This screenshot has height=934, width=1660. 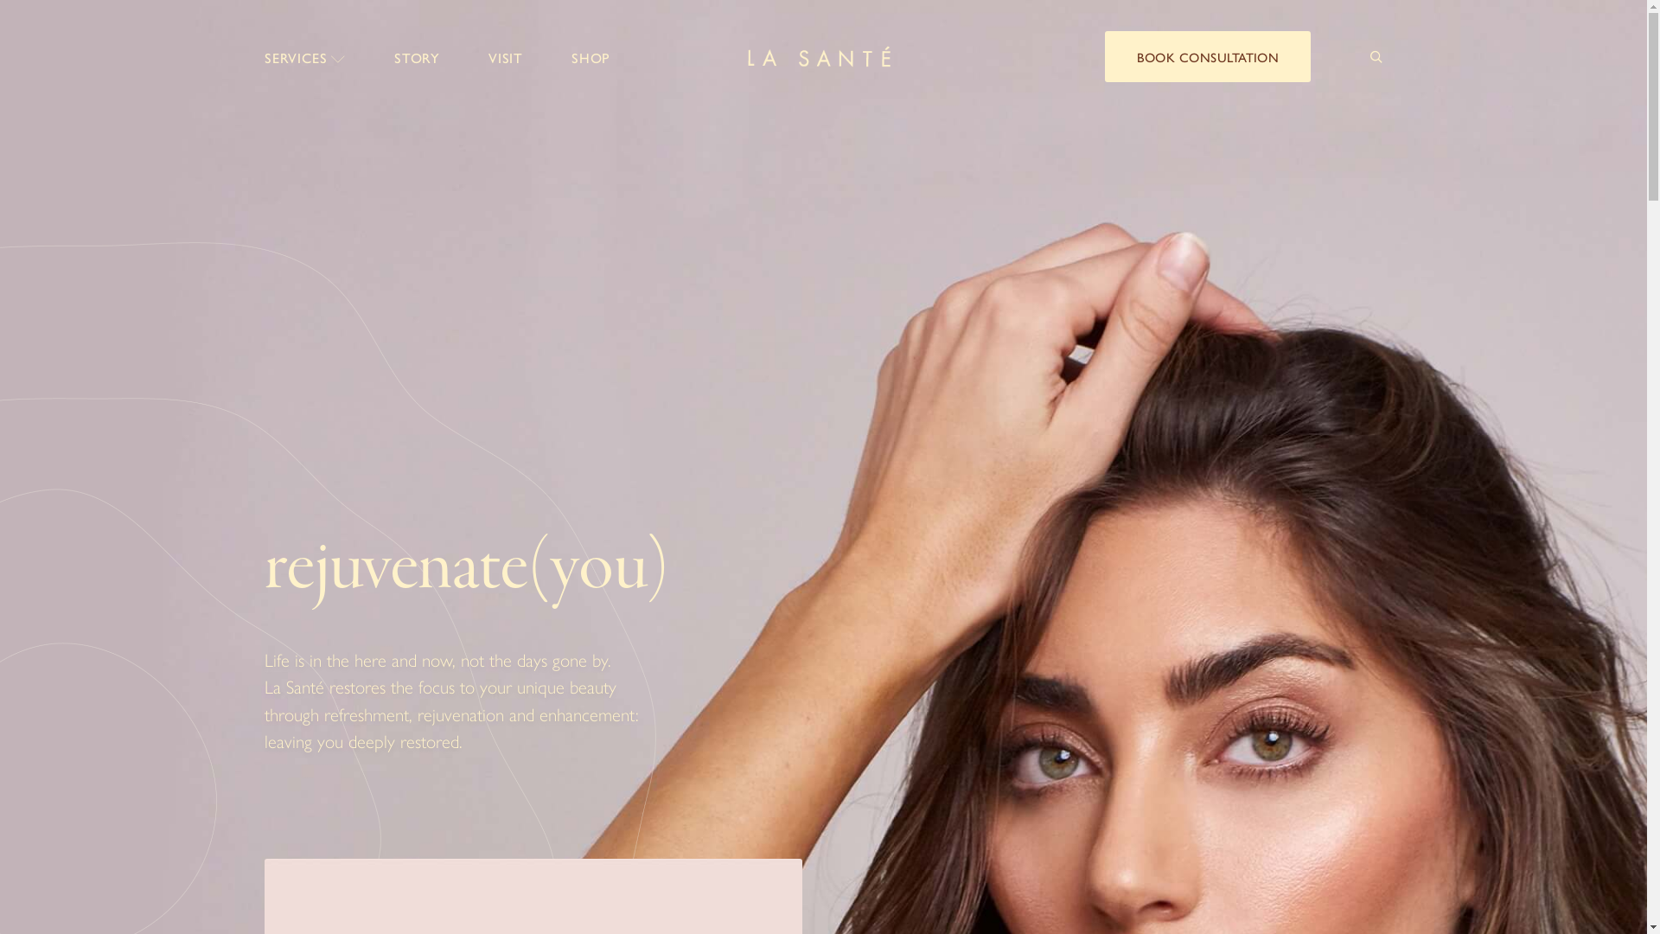 I want to click on 'SERVICES', so click(x=305, y=56).